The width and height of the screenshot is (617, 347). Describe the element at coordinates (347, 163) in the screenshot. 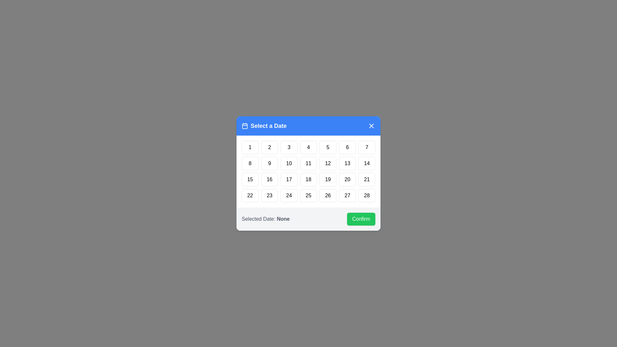

I see `the button representing the day 13 to select that date` at that location.